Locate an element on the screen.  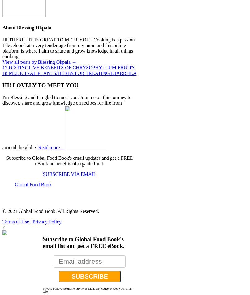
'Terms of Use' is located at coordinates (16, 221).